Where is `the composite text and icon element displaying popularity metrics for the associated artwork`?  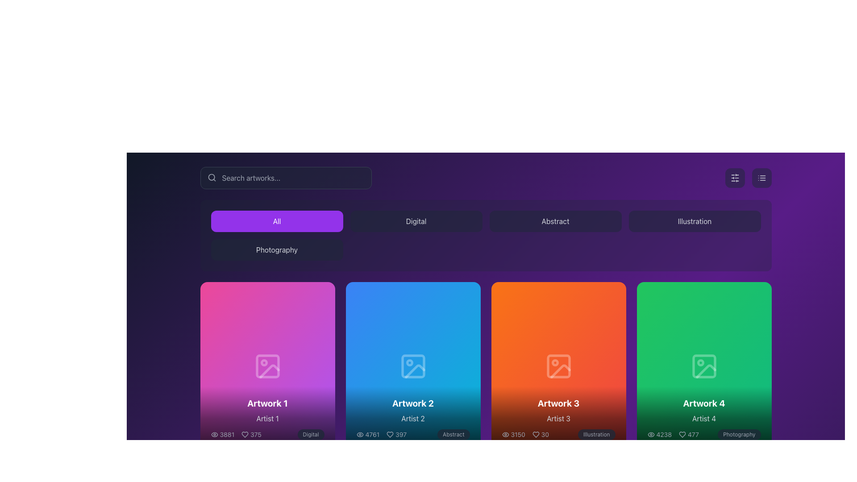
the composite text and icon element displaying popularity metrics for the associated artwork is located at coordinates (525, 434).